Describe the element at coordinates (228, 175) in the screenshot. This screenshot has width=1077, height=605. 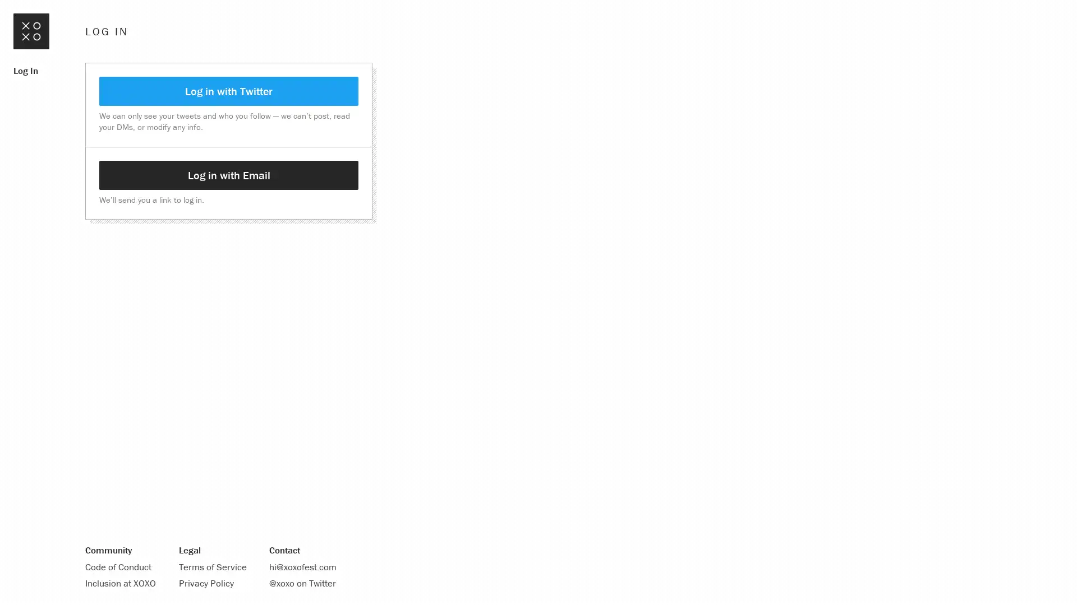
I see `Log in with Email` at that location.